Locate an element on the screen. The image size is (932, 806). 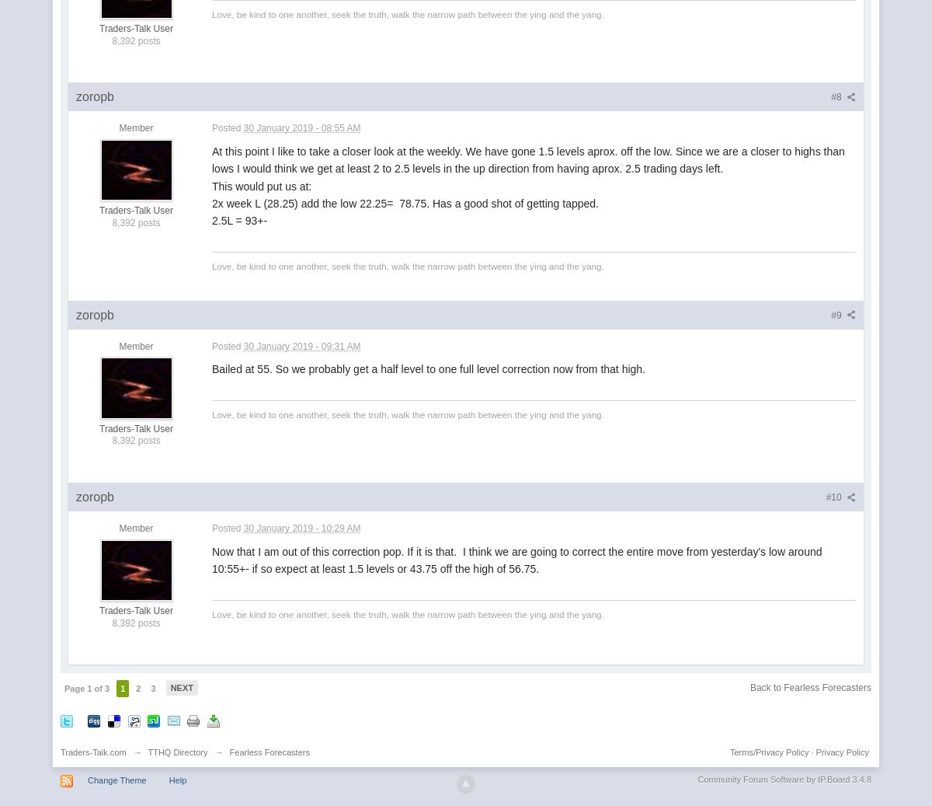
'Now that I am out of this correction pop. If it is that.  I think we are going to correct the entire move from yesterday's low around 10:55+- if so expect at least 1.5 levels or 43.75 off the high of 56.75.' is located at coordinates (211, 559).